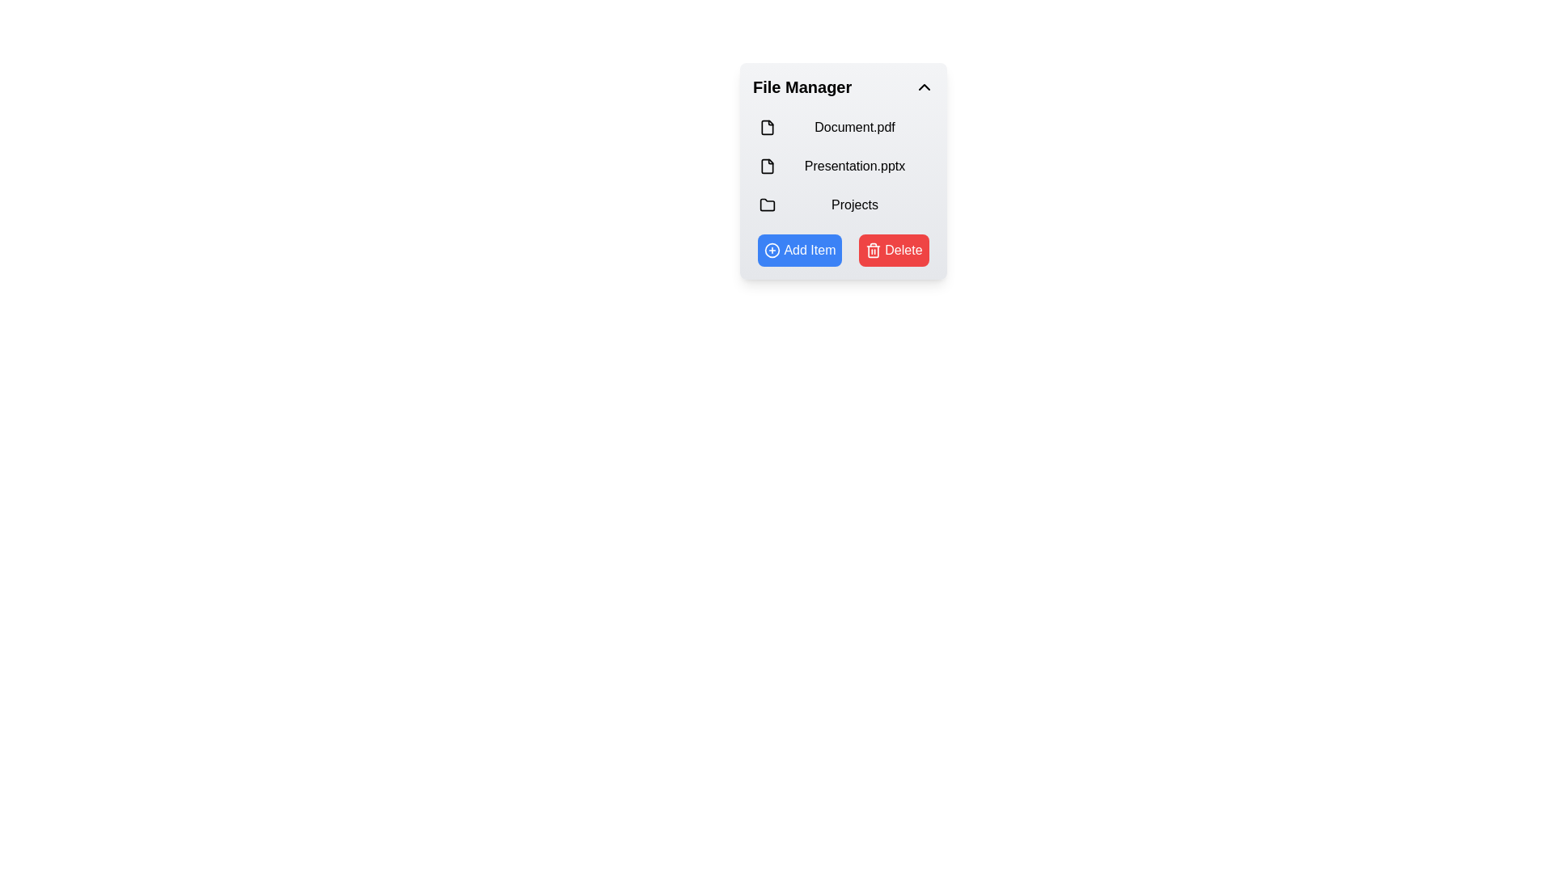 Image resolution: width=1553 pixels, height=873 pixels. Describe the element at coordinates (842, 166) in the screenshot. I see `the list of files and folders within the 'File Manager' interface, which is the second group of elements below the title and above the 'Add Item' and 'Delete' buttons` at that location.